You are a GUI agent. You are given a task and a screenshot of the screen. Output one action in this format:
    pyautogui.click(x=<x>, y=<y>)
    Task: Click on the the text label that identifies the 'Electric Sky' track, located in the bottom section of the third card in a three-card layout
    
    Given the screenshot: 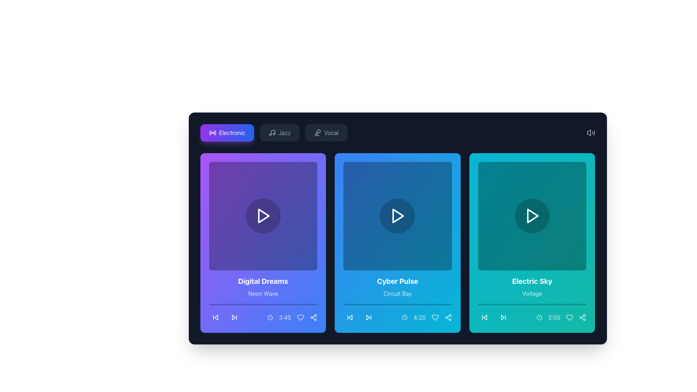 What is the action you would take?
    pyautogui.click(x=532, y=281)
    